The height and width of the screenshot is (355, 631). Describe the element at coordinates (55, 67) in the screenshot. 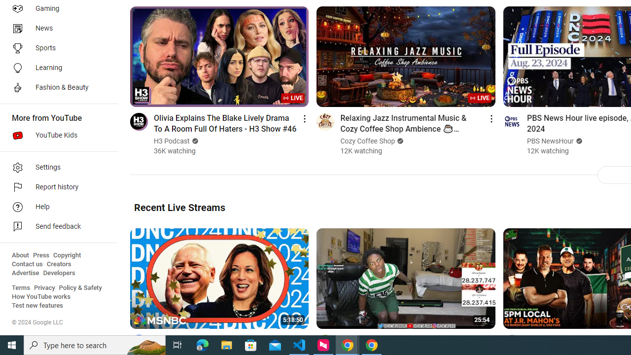

I see `'Learning'` at that location.